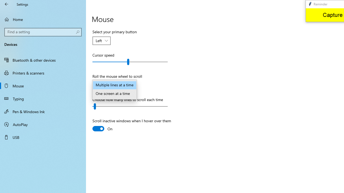  I want to click on 'Scroll inactive windows when I hover over them', so click(132, 125).